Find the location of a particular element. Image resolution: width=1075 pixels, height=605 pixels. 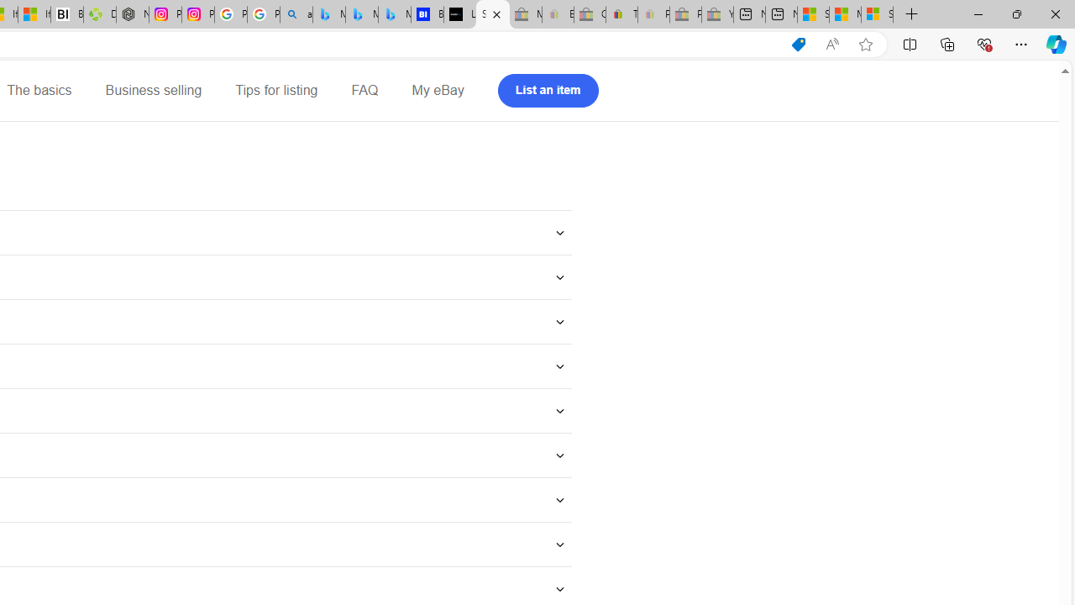

'Shanghai, China hourly forecast | Microsoft Weather' is located at coordinates (813, 14).